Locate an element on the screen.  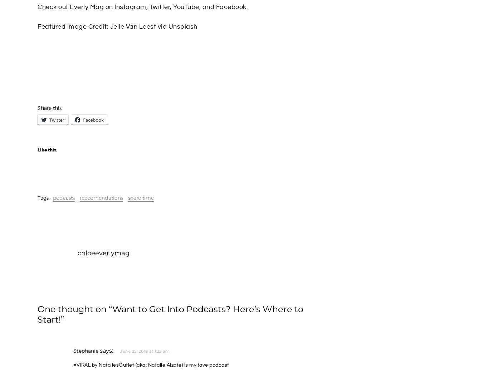
'Instagram' is located at coordinates (130, 6).